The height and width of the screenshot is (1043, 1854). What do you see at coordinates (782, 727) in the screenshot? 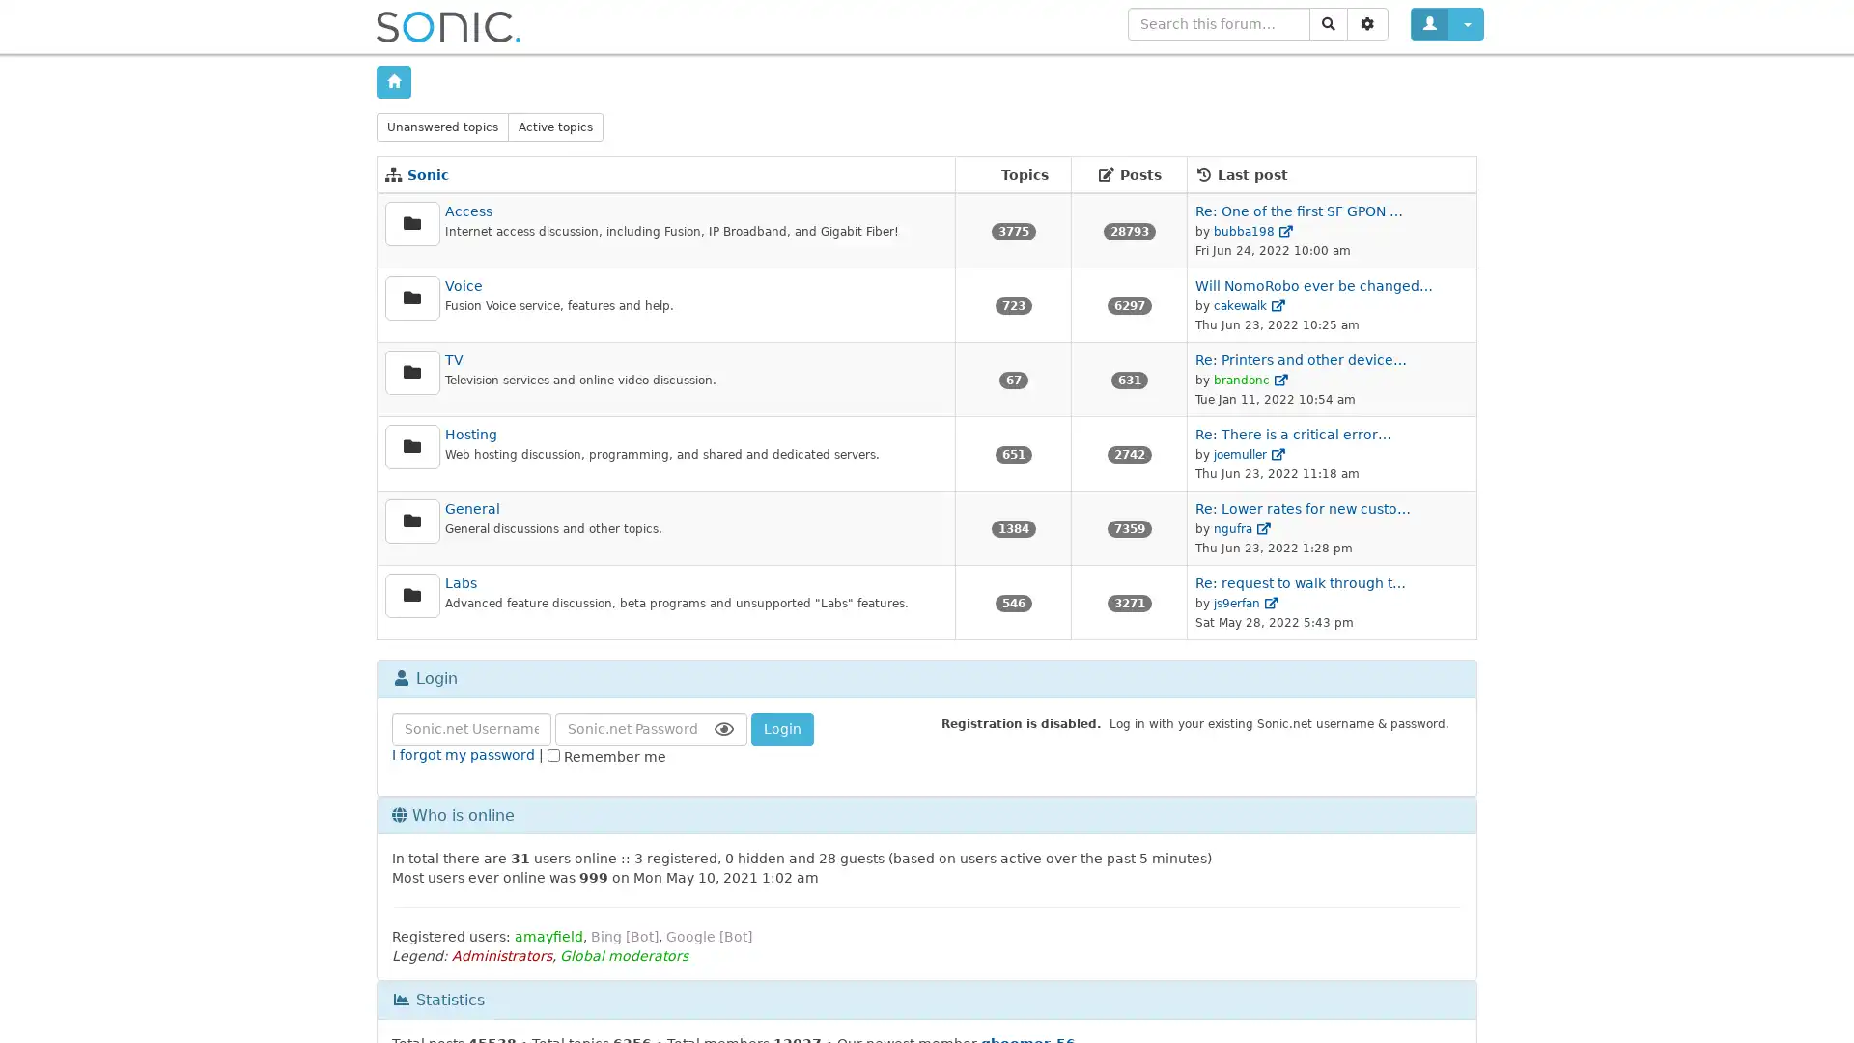
I see `Login` at bounding box center [782, 727].